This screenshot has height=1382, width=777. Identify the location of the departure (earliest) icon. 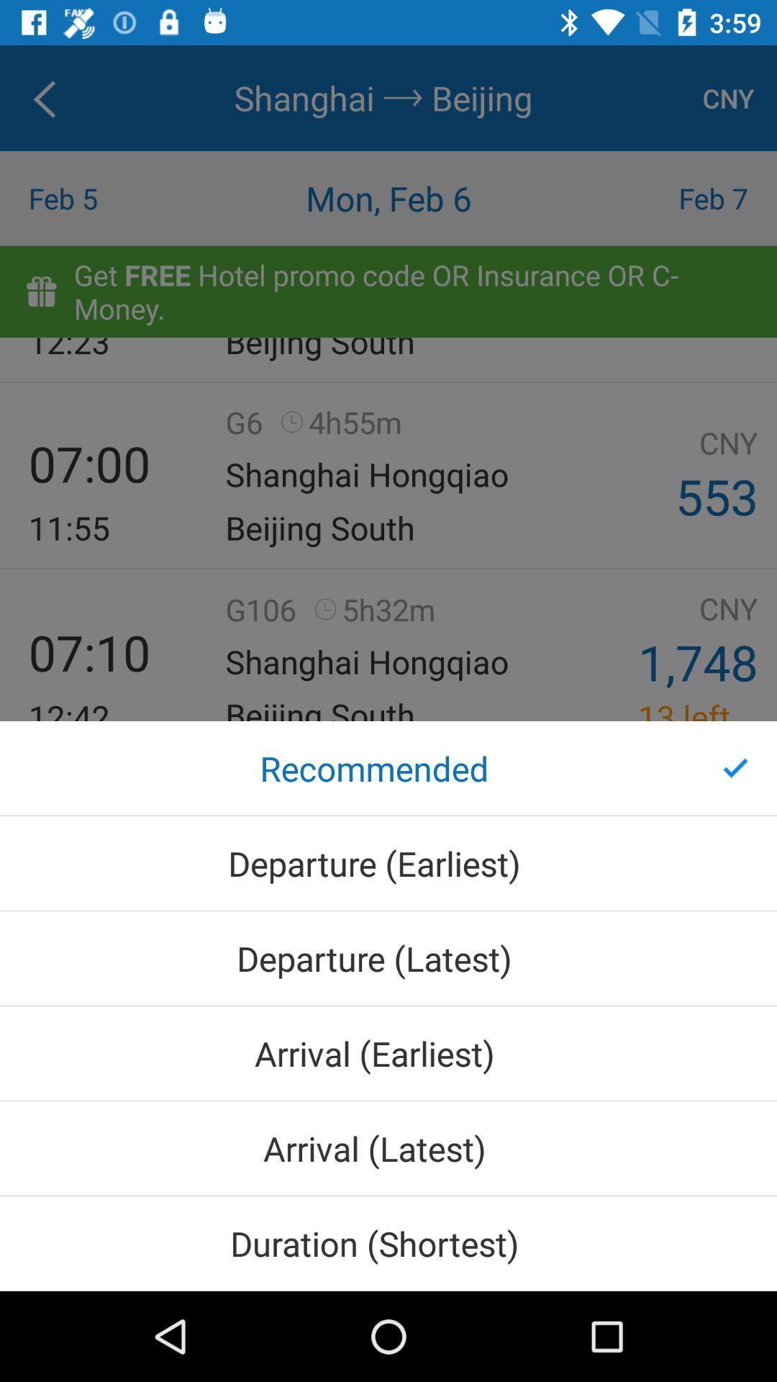
(388, 863).